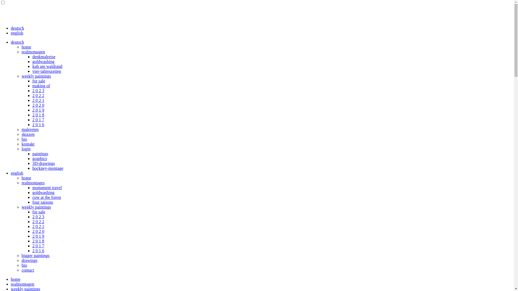 This screenshot has width=518, height=291. Describe the element at coordinates (38, 221) in the screenshot. I see `'2 0 2 2'` at that location.